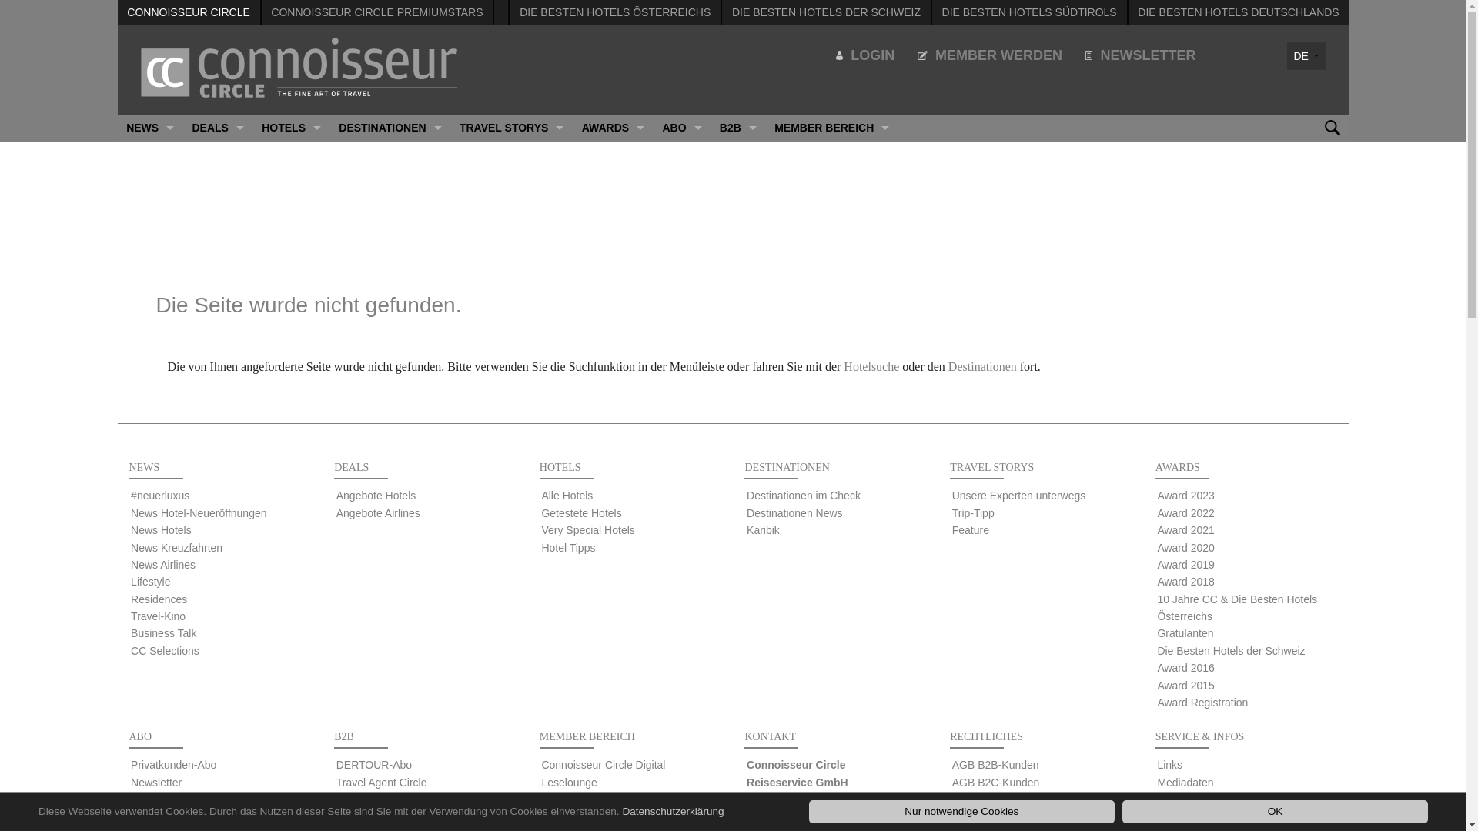  I want to click on 'Travel Agent Circle', so click(381, 783).